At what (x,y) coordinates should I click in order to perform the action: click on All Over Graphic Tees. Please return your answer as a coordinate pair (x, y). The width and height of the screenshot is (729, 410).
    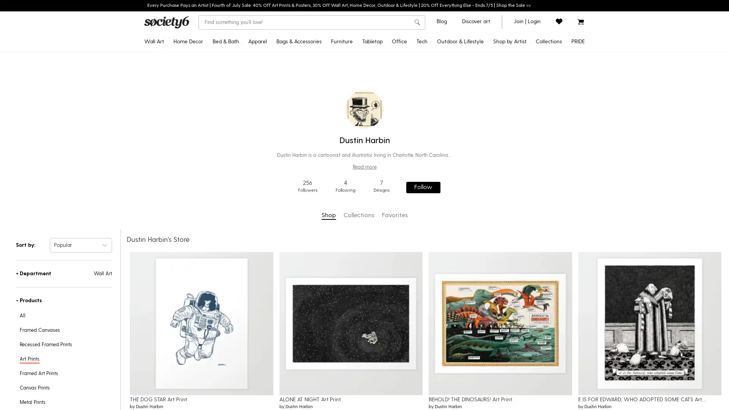
    Looking at the image, I should click on (281, 110).